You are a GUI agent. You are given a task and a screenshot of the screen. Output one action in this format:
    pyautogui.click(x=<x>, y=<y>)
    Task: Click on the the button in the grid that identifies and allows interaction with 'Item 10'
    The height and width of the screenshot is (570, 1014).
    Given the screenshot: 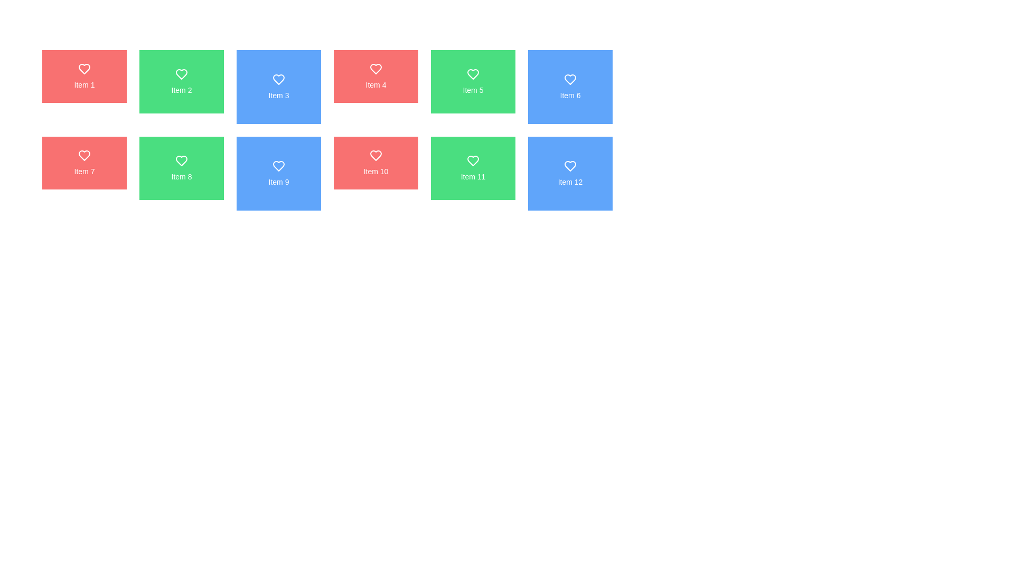 What is the action you would take?
    pyautogui.click(x=375, y=163)
    